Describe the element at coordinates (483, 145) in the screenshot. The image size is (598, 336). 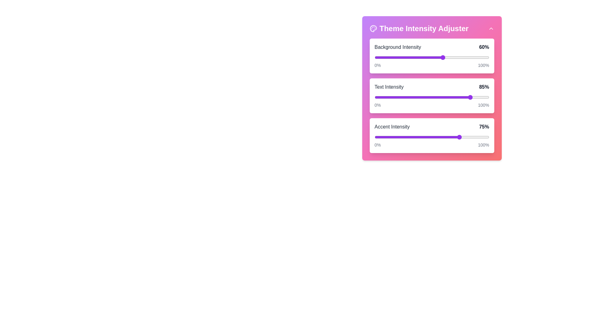
I see `the static text label displaying '100%' for the 'Accent Intensity' slider in the 'Theme Intensity Adjuster' panel` at that location.